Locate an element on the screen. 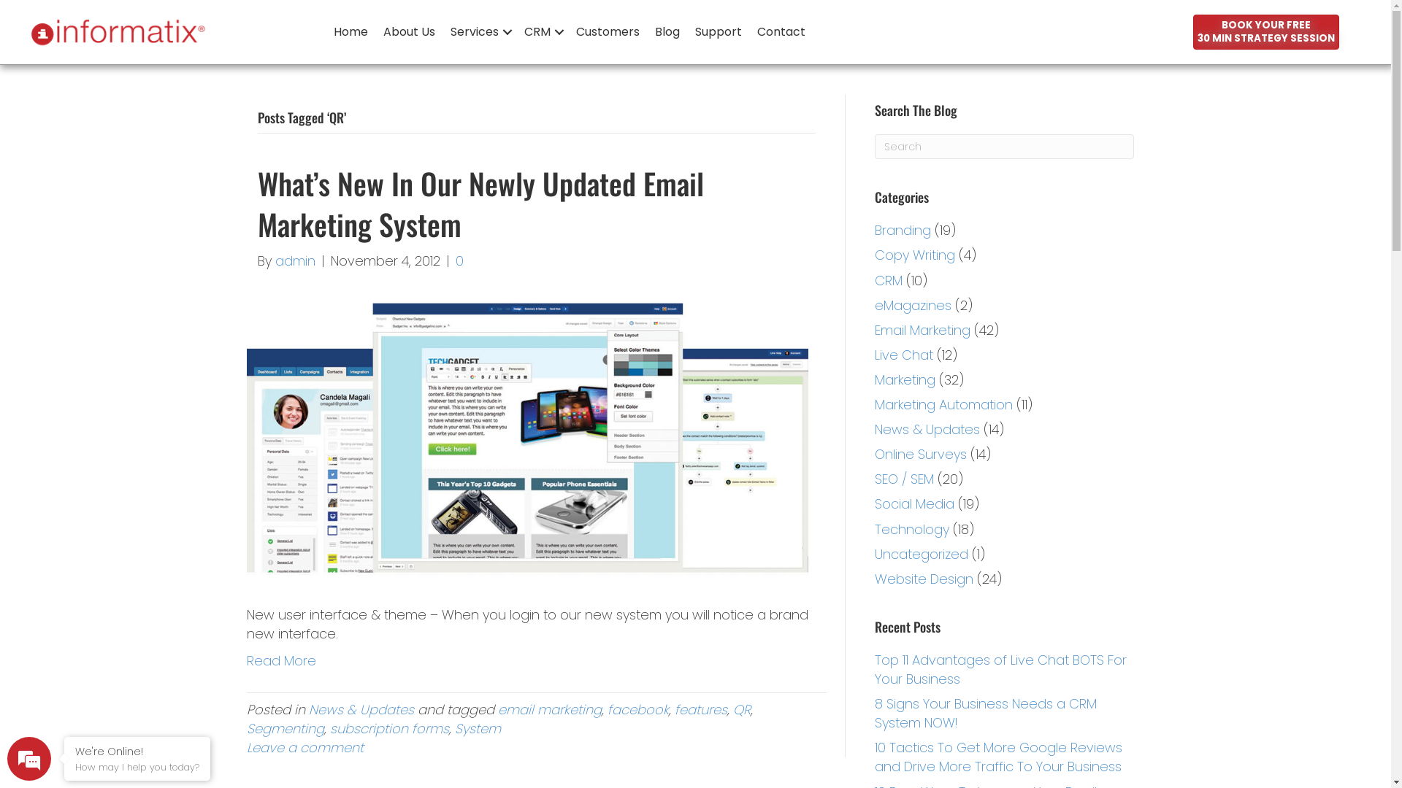 Image resolution: width=1402 pixels, height=788 pixels. 'Marketing Automation' is located at coordinates (943, 404).